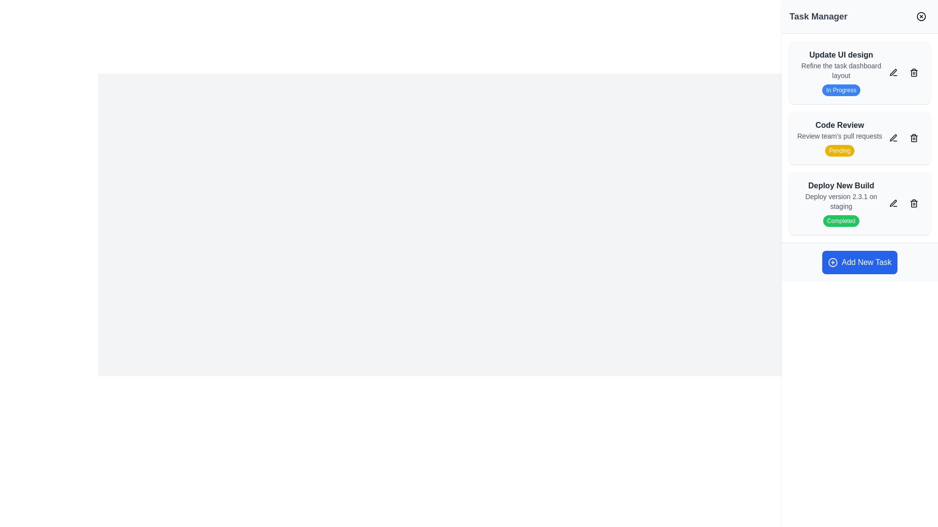 This screenshot has width=938, height=527. I want to click on the delete icon located at the far right of the 'Deploy New Build' task card in the Task Manager panel, so click(914, 203).